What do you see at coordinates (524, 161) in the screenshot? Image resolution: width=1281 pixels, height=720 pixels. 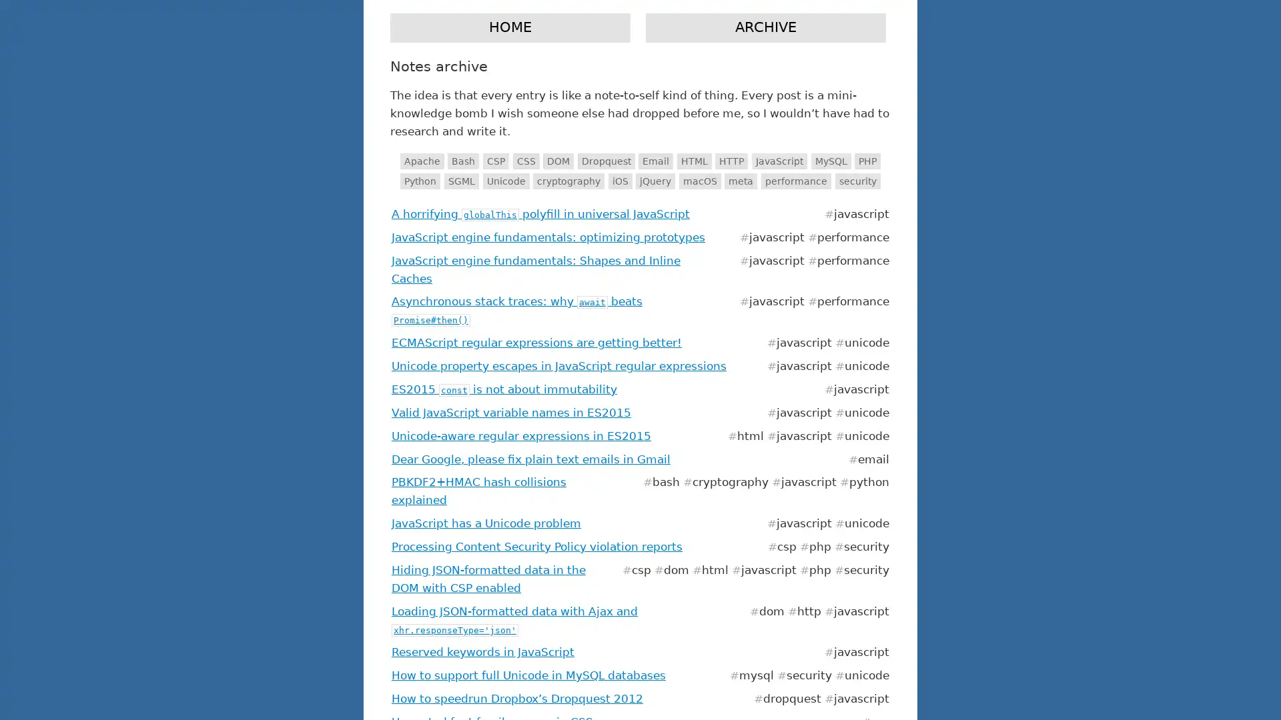 I see `CSS` at bounding box center [524, 161].